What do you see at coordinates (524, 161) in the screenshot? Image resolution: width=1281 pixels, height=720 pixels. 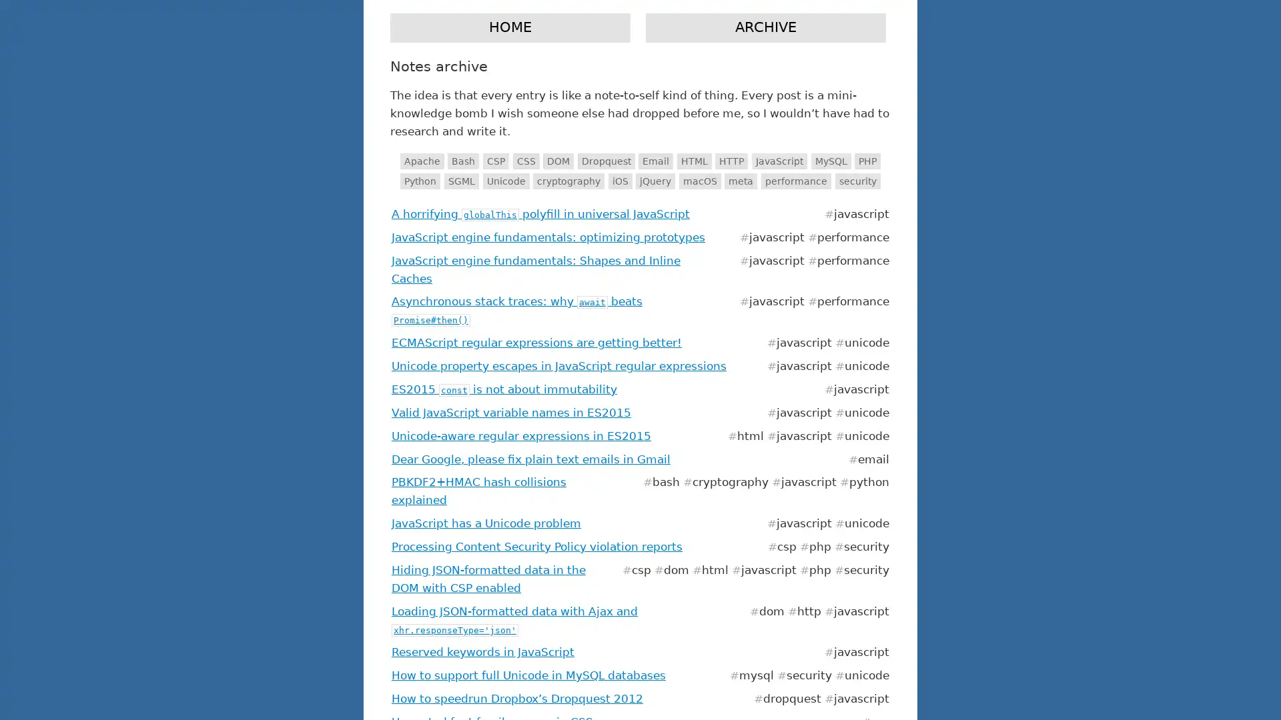 I see `CSS` at bounding box center [524, 161].